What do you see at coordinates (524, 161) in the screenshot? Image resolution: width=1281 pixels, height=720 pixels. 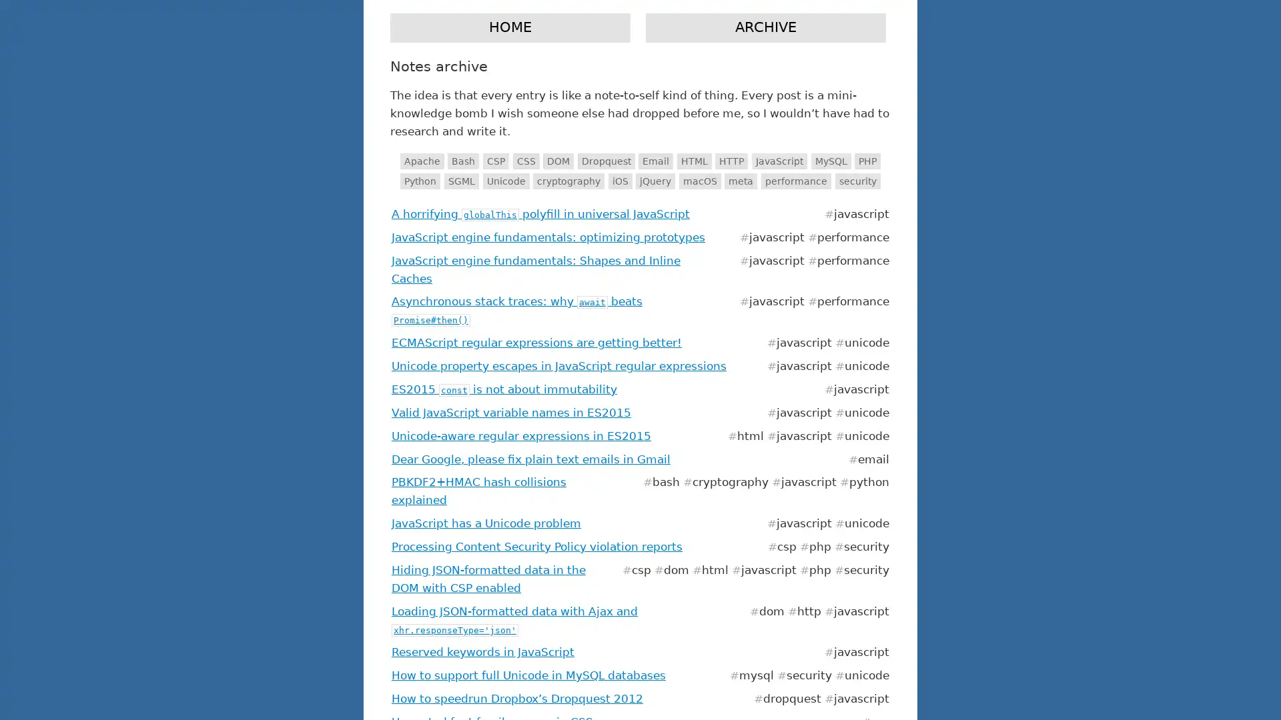 I see `CSS` at bounding box center [524, 161].